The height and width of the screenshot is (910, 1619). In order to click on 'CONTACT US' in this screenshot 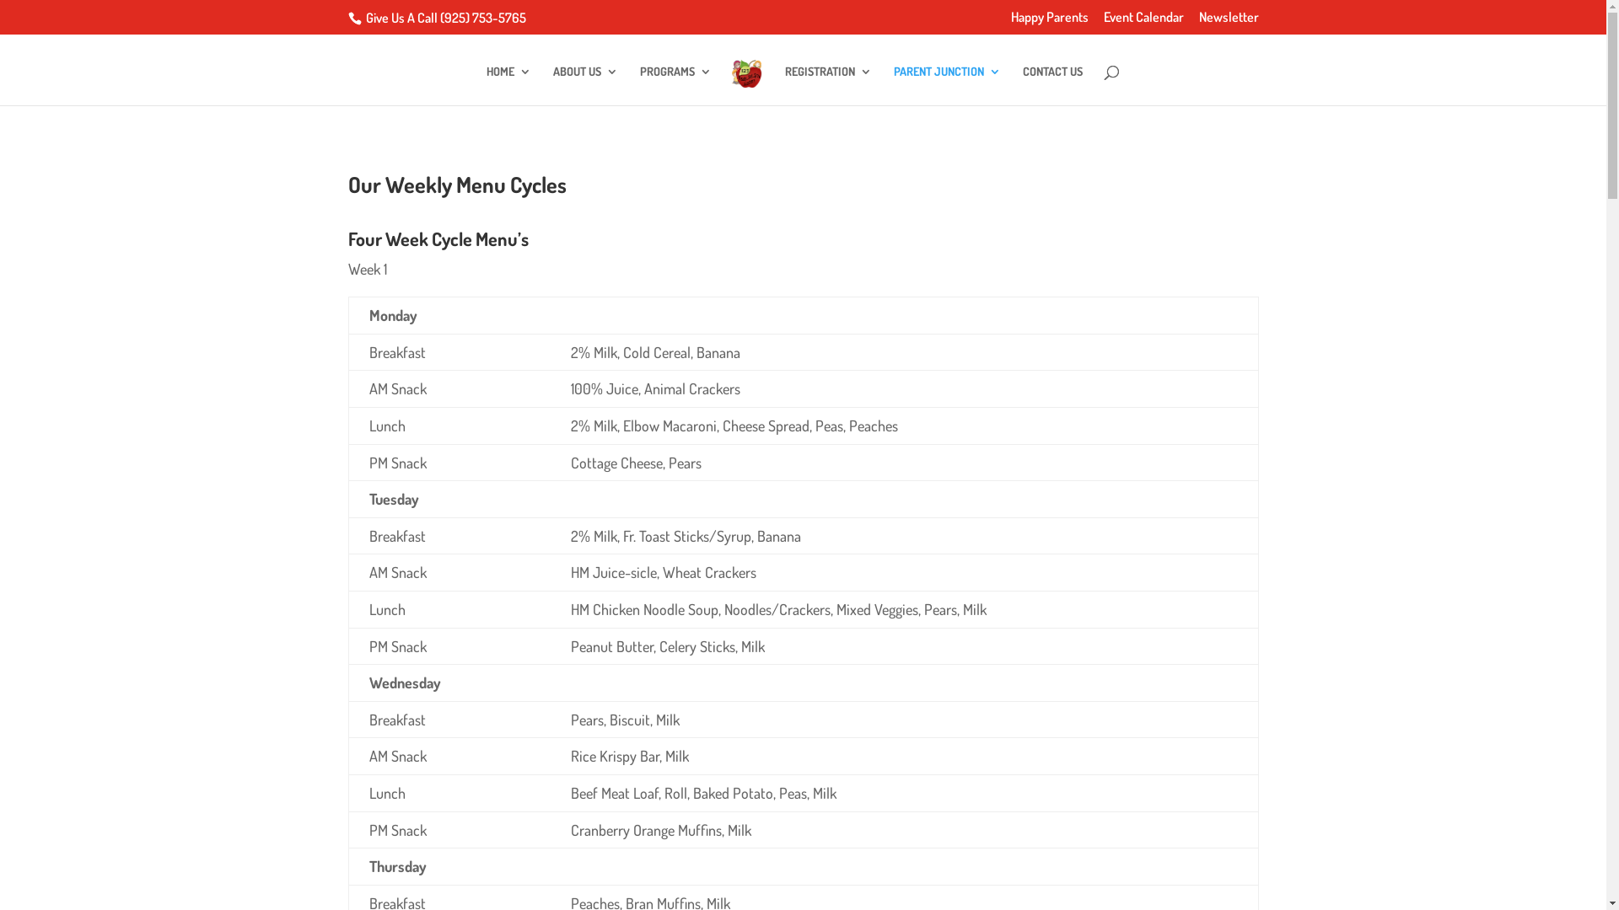, I will do `click(1052, 85)`.